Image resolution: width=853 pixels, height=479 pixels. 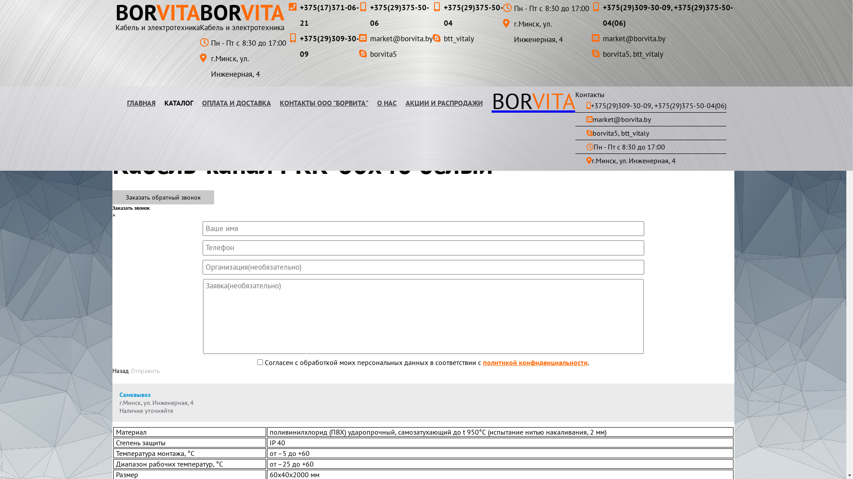 What do you see at coordinates (158, 12) in the screenshot?
I see `'BORVITA'` at bounding box center [158, 12].